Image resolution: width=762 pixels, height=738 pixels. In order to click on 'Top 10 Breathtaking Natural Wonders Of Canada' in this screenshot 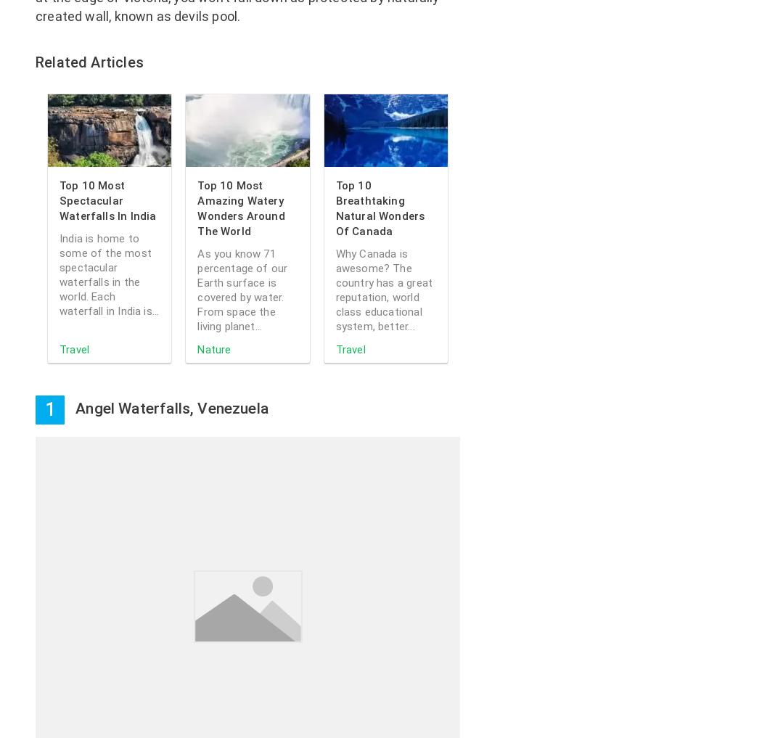, I will do `click(379, 208)`.